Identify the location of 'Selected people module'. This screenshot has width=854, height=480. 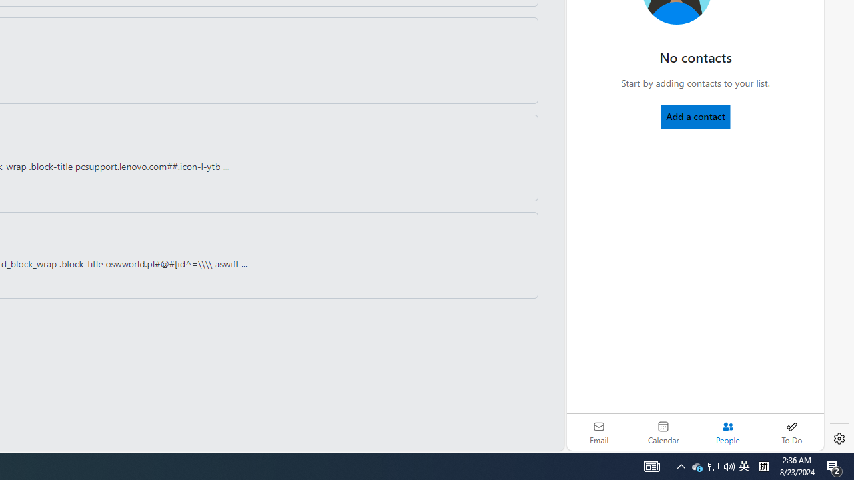
(727, 432).